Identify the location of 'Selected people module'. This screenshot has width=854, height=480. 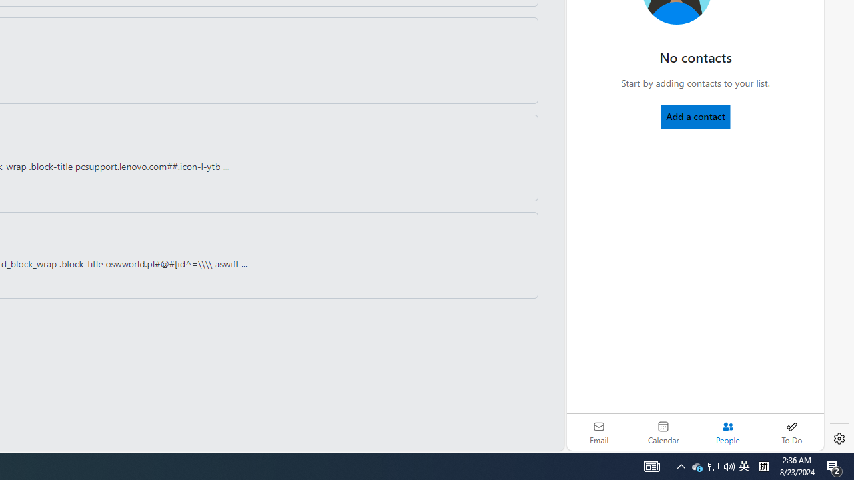
(727, 432).